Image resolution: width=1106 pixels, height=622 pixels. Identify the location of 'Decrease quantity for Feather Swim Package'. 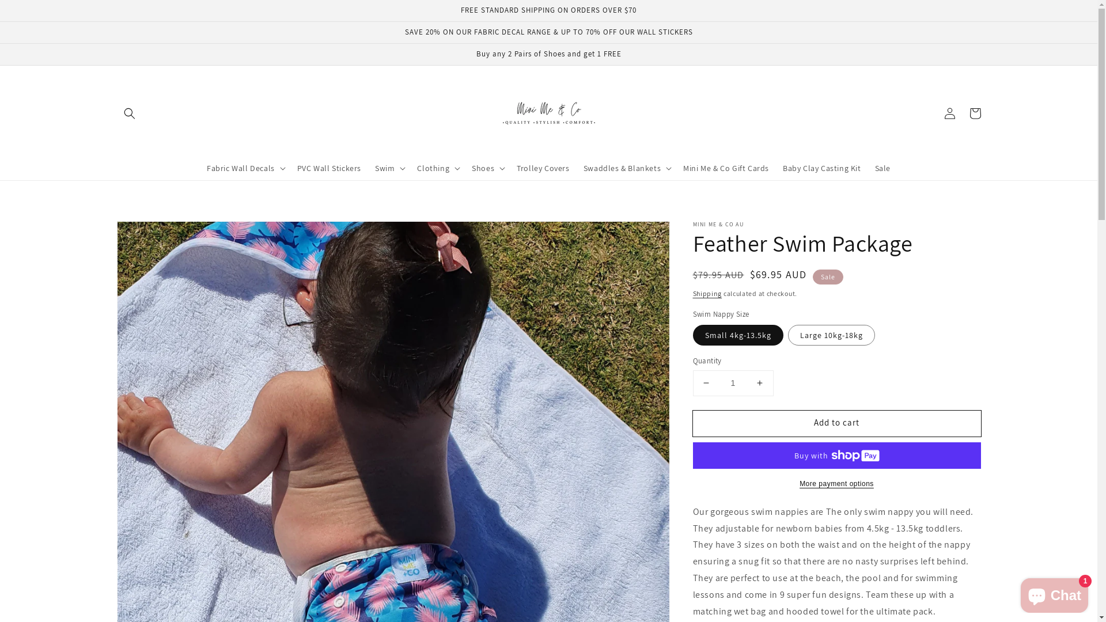
(706, 383).